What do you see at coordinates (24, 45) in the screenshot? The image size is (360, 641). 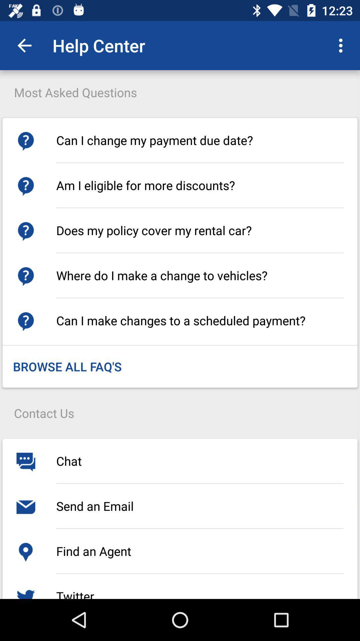 I see `the app to the left of the help center` at bounding box center [24, 45].